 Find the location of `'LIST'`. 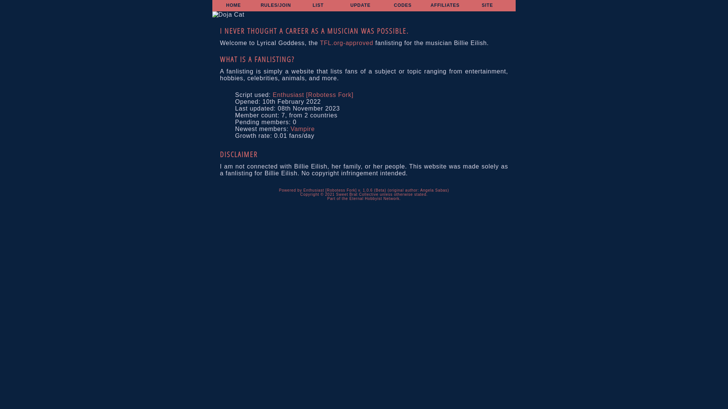

'LIST' is located at coordinates (318, 5).